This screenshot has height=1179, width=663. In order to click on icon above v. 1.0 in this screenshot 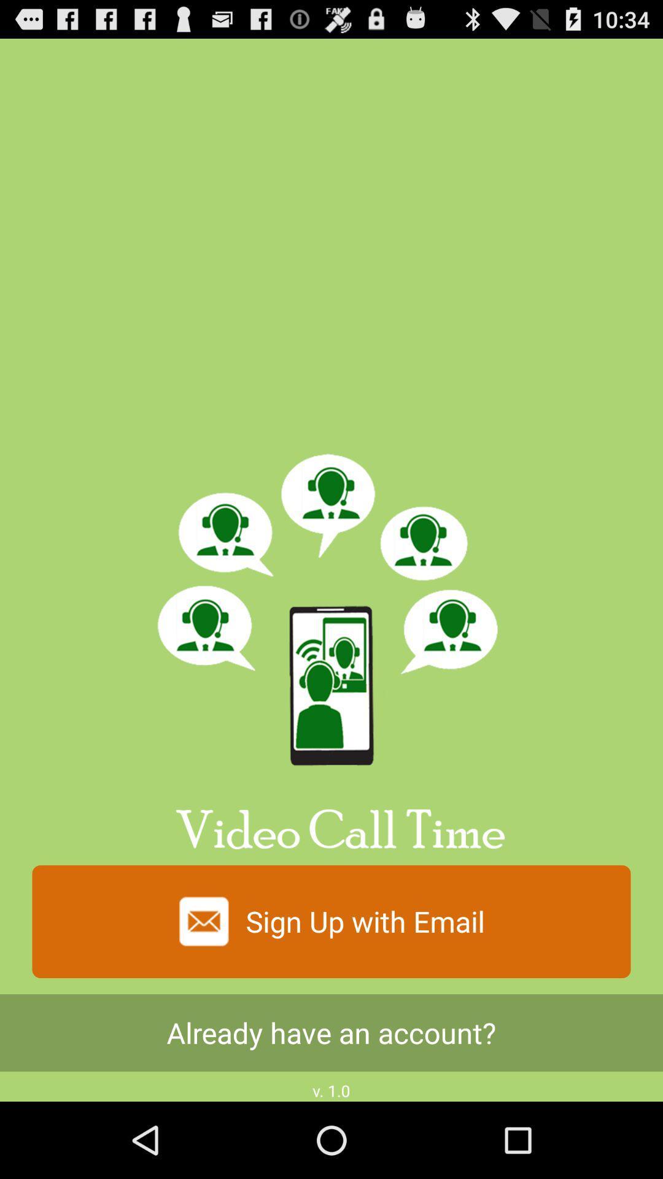, I will do `click(331, 1032)`.